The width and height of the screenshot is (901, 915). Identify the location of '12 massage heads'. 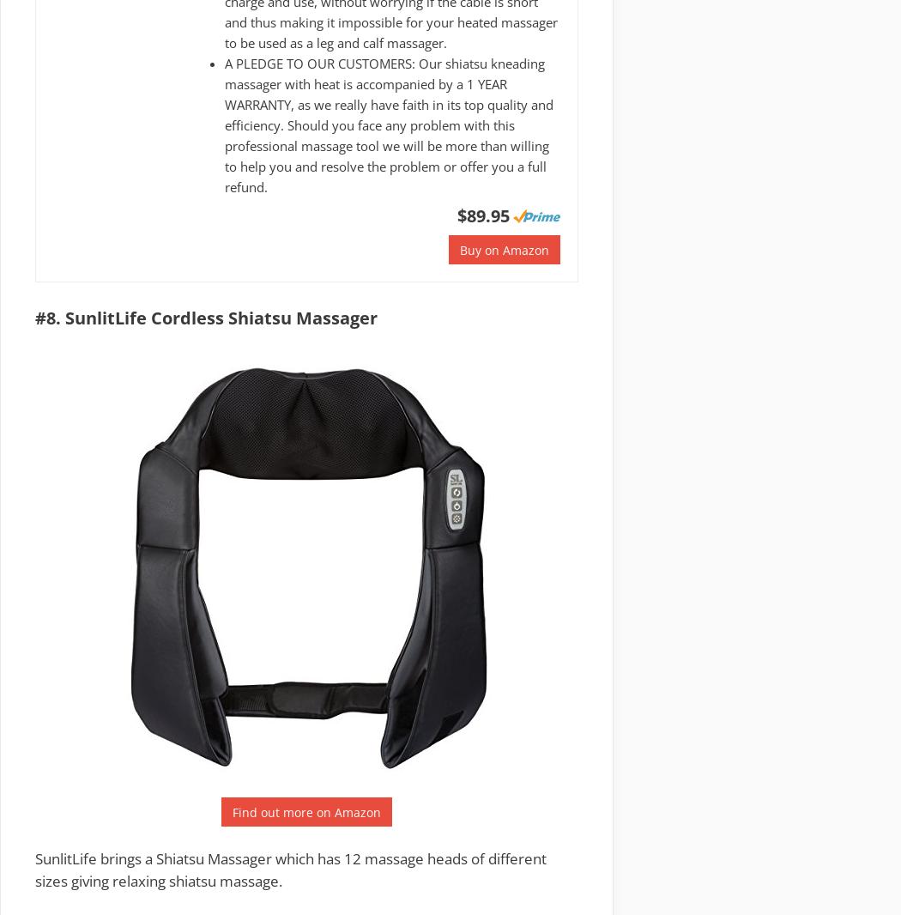
(406, 858).